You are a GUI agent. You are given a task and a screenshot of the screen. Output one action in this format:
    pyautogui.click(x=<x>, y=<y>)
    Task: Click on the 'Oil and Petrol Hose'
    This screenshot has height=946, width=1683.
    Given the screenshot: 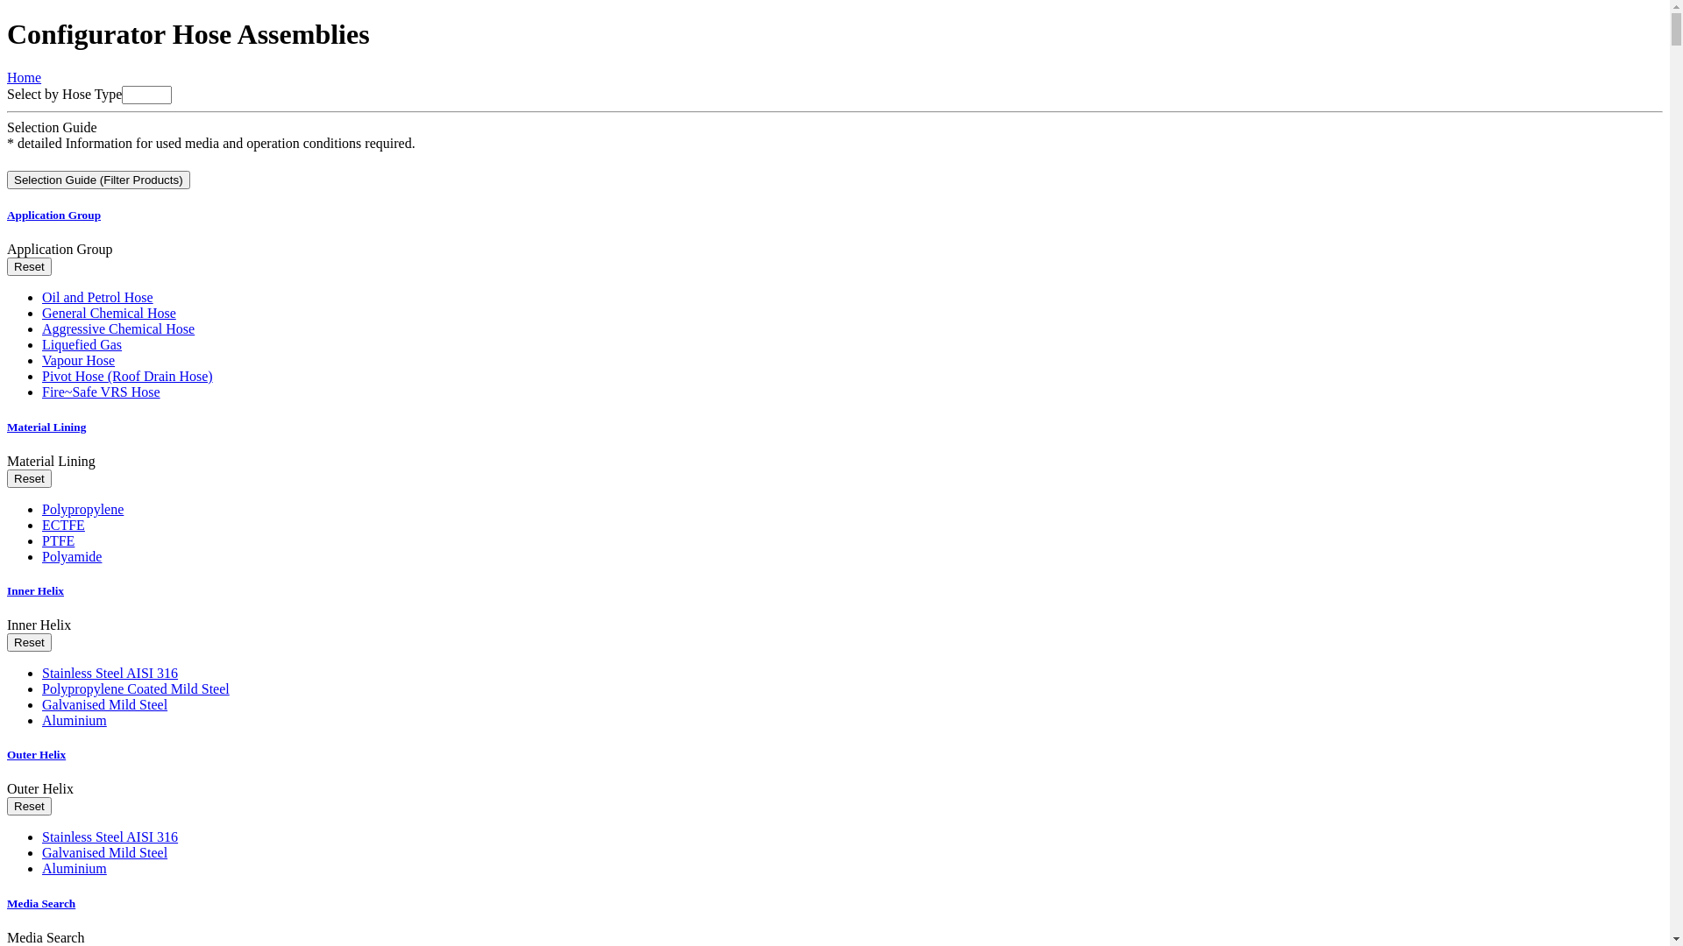 What is the action you would take?
    pyautogui.click(x=96, y=296)
    